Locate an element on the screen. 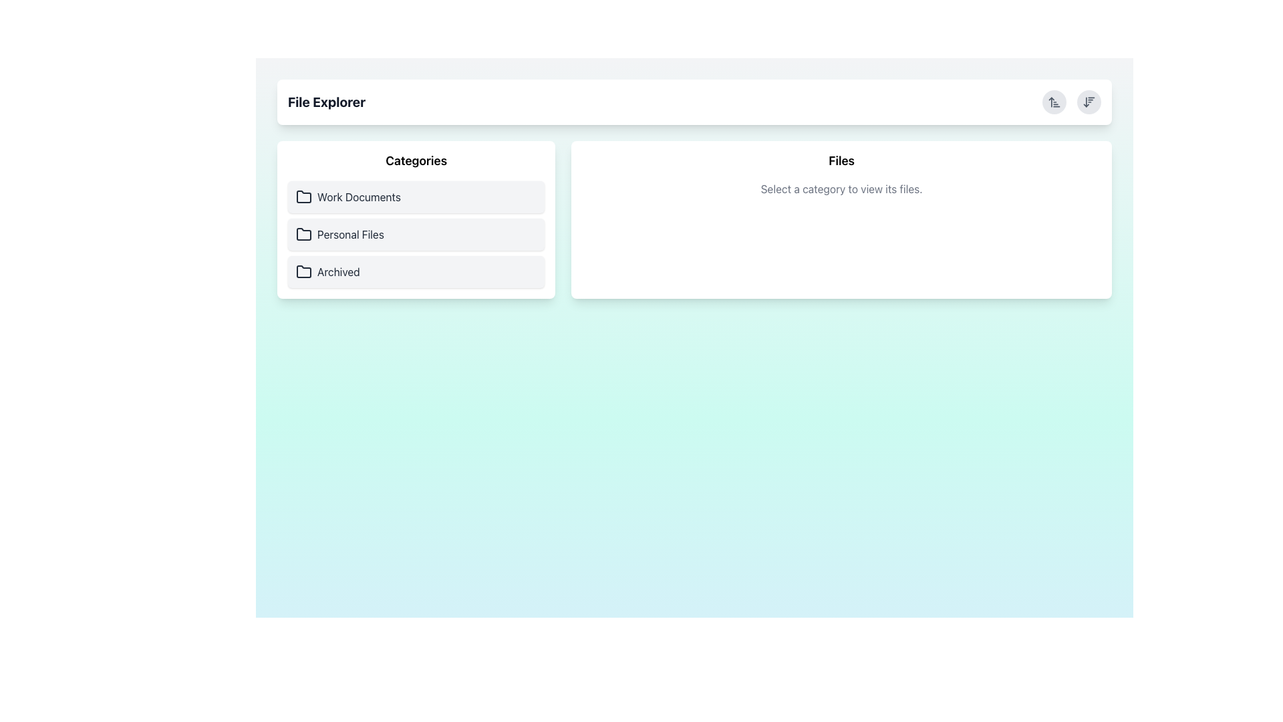  the sorting button located in the top-right corner of the white header bar, positioned to the left of the downward-arrow icon is located at coordinates (1054, 102).